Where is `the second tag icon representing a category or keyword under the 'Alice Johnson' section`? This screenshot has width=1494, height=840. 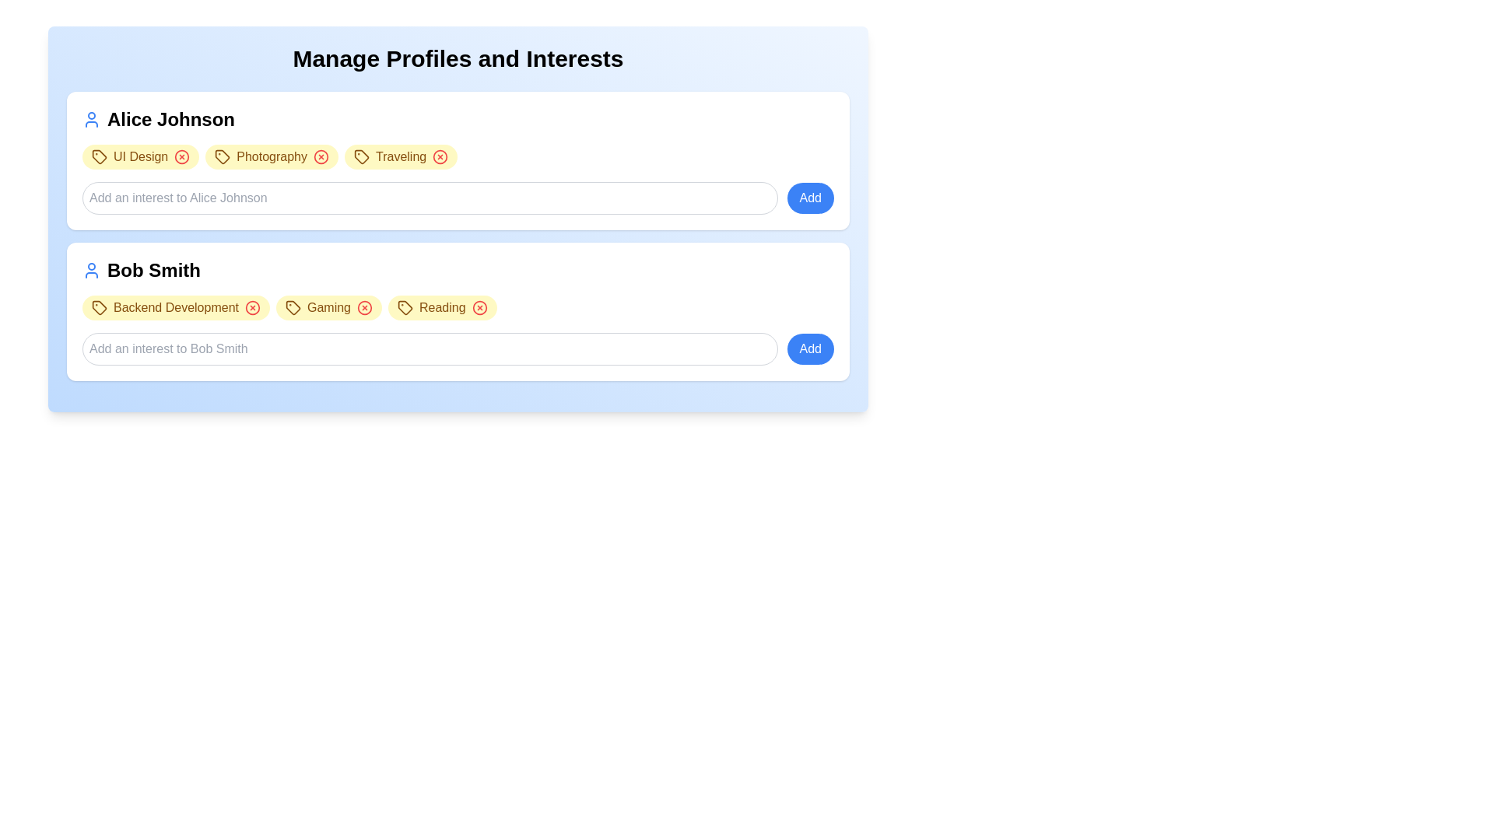 the second tag icon representing a category or keyword under the 'Alice Johnson' section is located at coordinates (222, 156).